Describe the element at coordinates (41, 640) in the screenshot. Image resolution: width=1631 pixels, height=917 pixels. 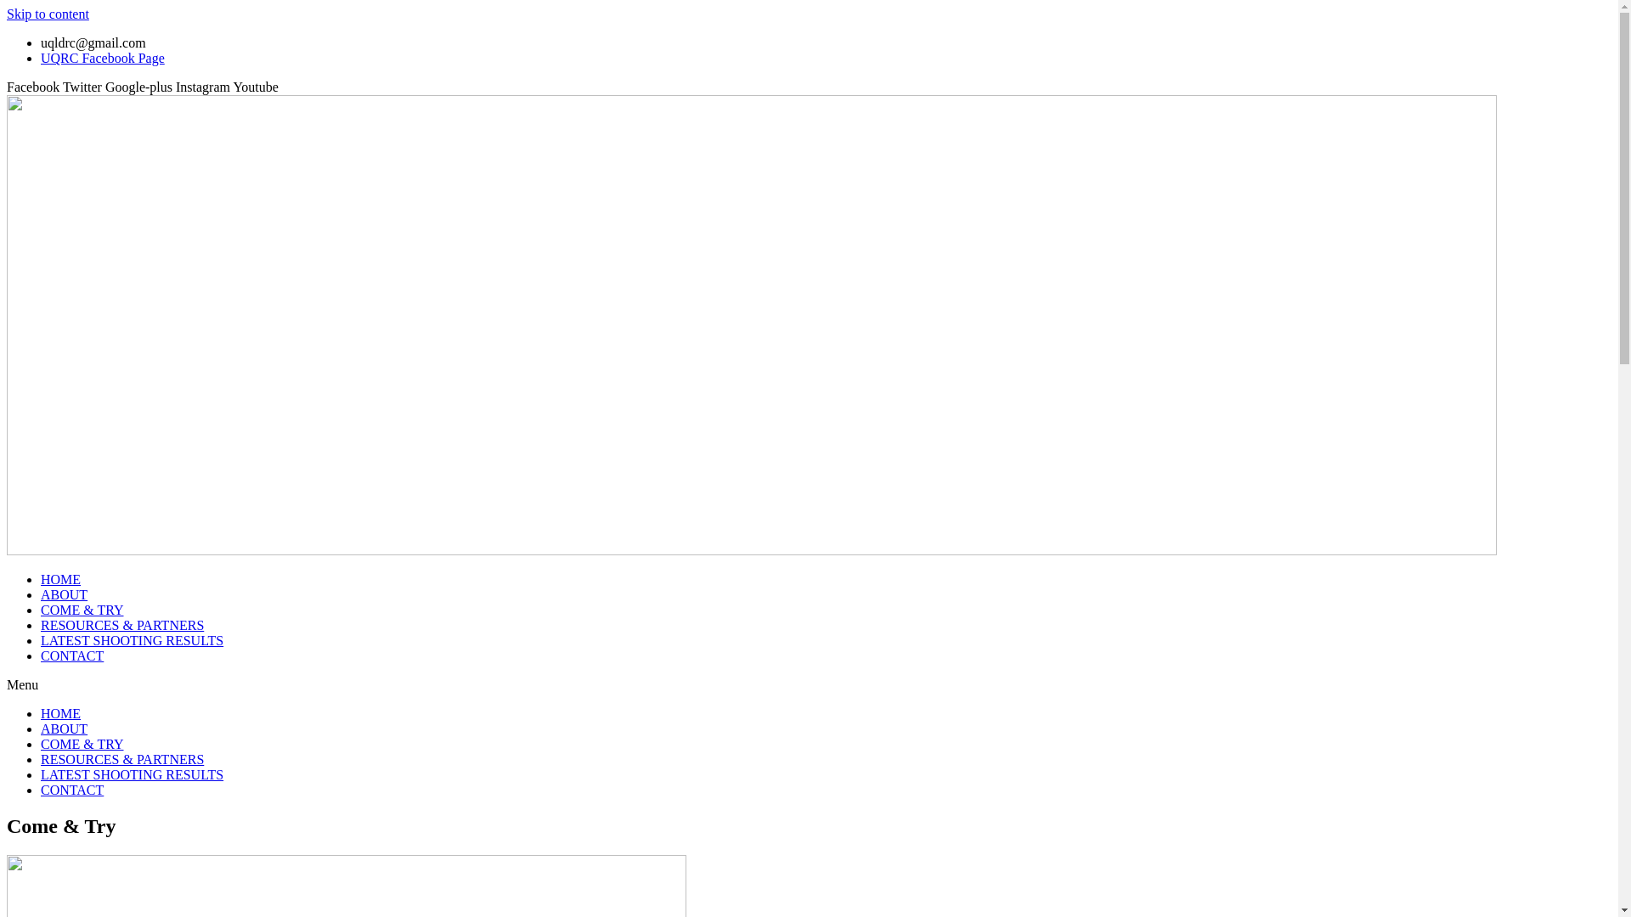
I see `'LATEST SHOOTING RESULTS'` at that location.